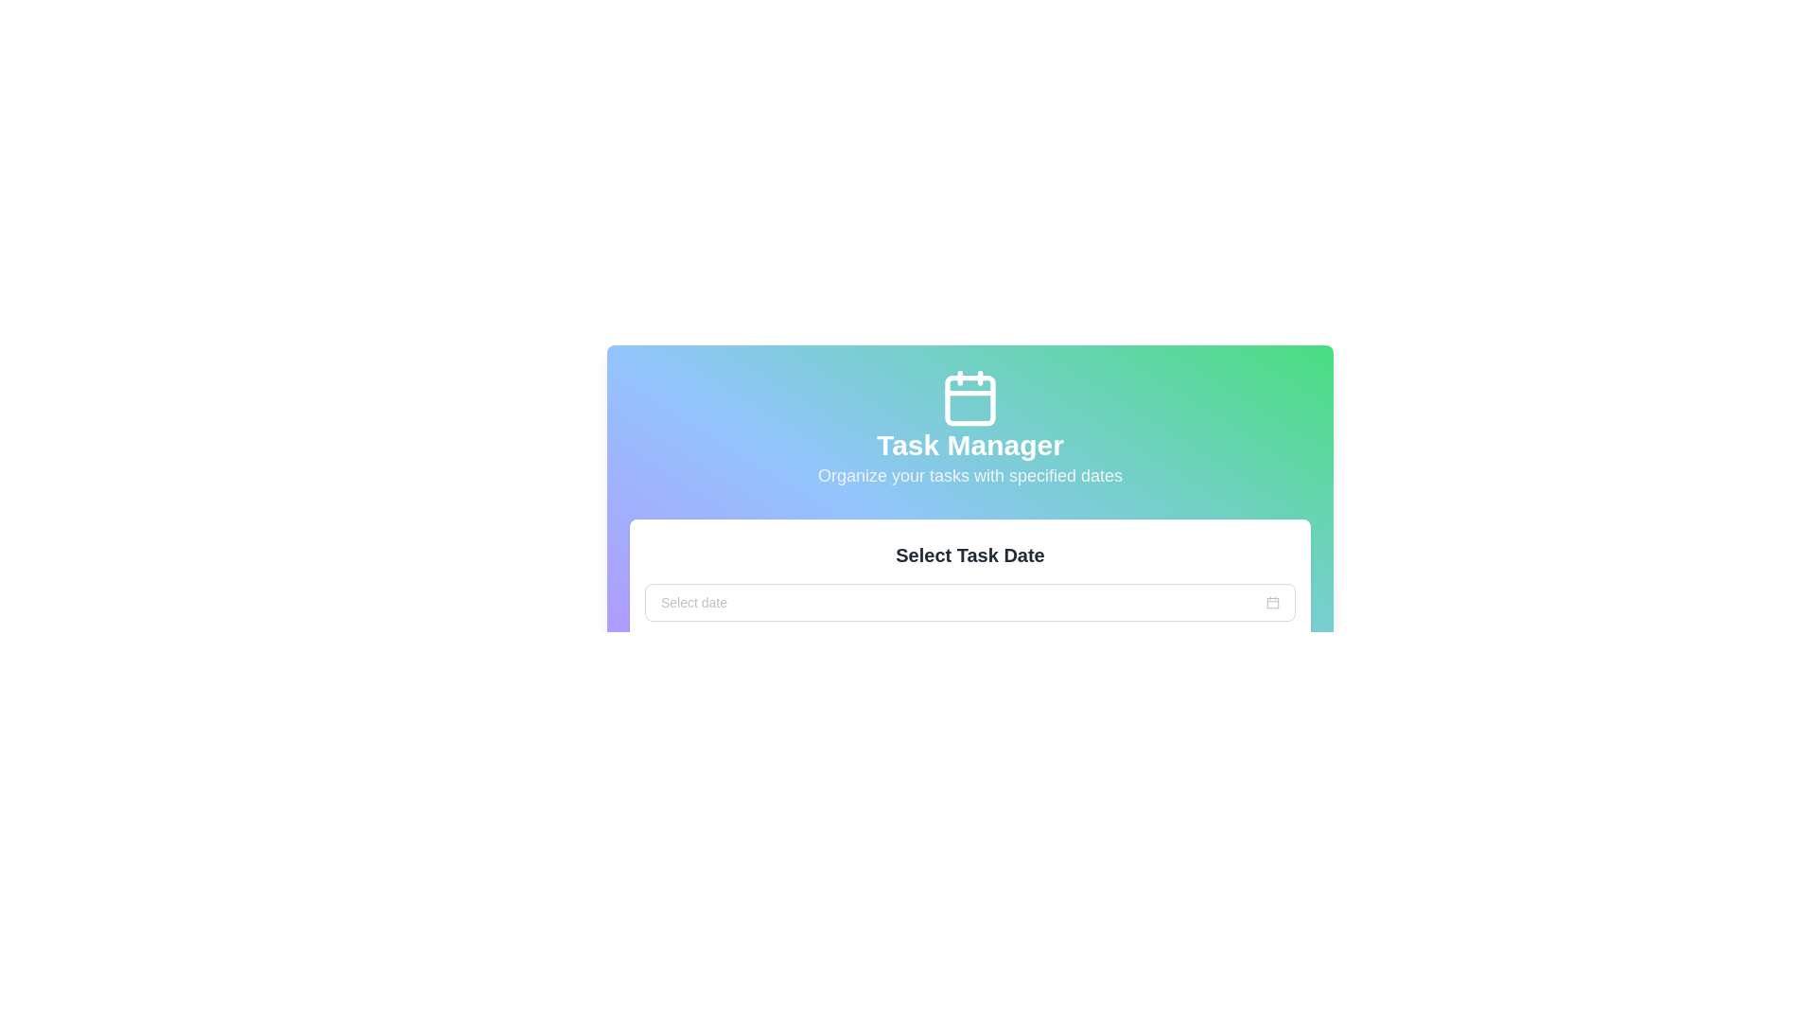 This screenshot has height=1022, width=1816. Describe the element at coordinates (970, 554) in the screenshot. I see `text from the Text Label element that displays 'Select Task Date', which is prominently styled in bold and dark gray color at the top of a white panel` at that location.